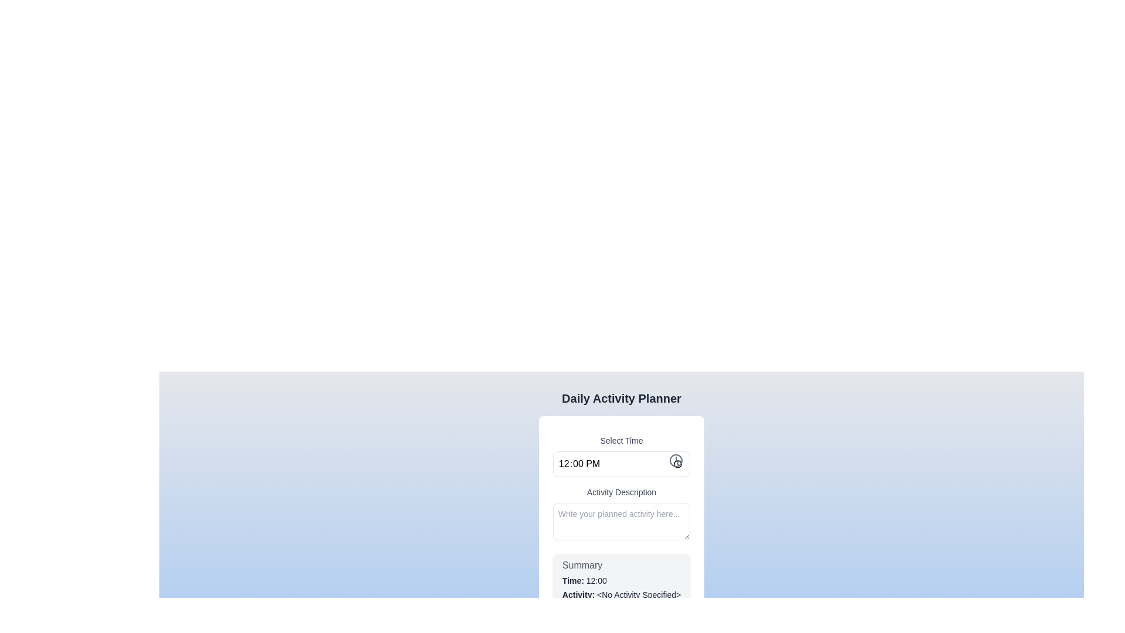  I want to click on the 'Time:' text label located in the summary section near the bottom of the interface, positioned on the left before the '12:00' time value, so click(574, 581).